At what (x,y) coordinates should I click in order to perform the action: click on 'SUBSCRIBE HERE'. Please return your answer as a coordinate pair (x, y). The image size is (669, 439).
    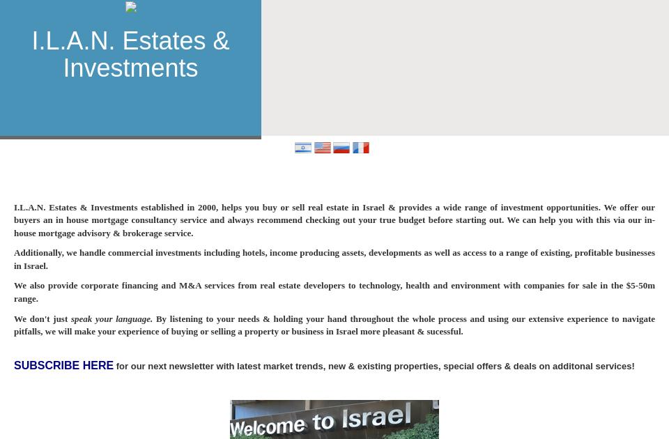
    Looking at the image, I should click on (63, 365).